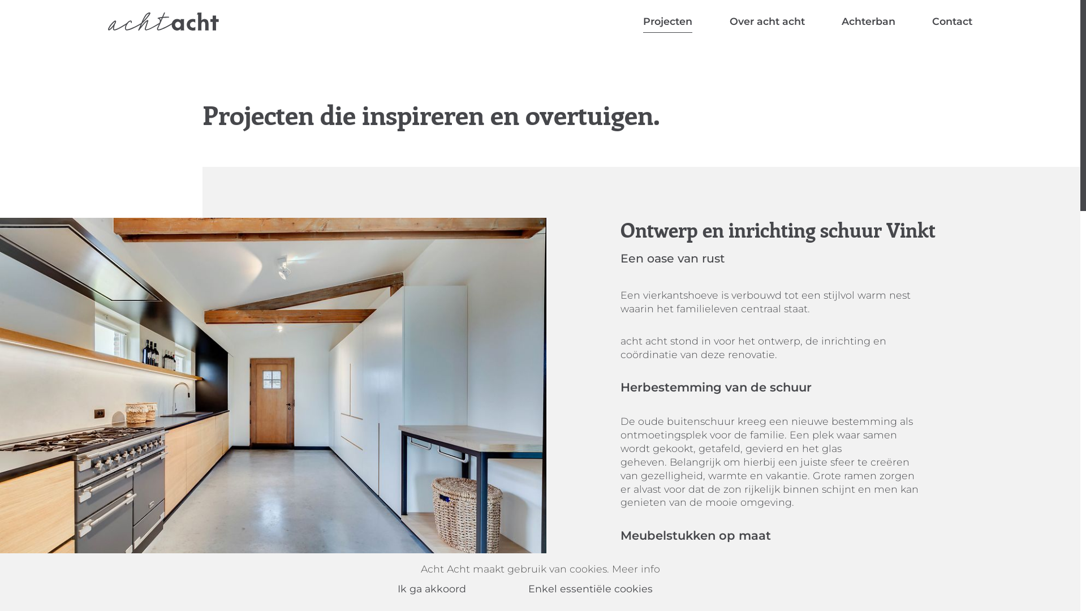  Describe the element at coordinates (446, 588) in the screenshot. I see `'Ik ga akkoord'` at that location.